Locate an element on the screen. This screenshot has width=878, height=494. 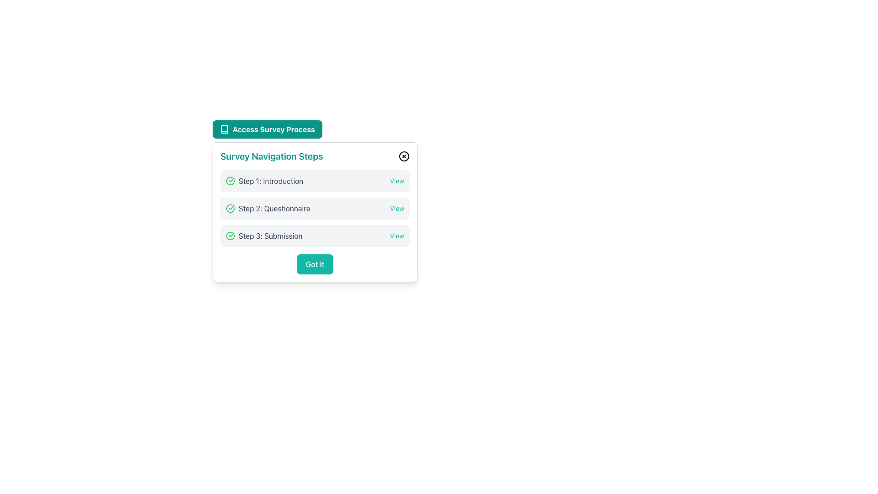
the informational text element displaying 'Step 2: Questionnaire', which is the second item in the Survey Navigation Steps list is located at coordinates (268, 208).